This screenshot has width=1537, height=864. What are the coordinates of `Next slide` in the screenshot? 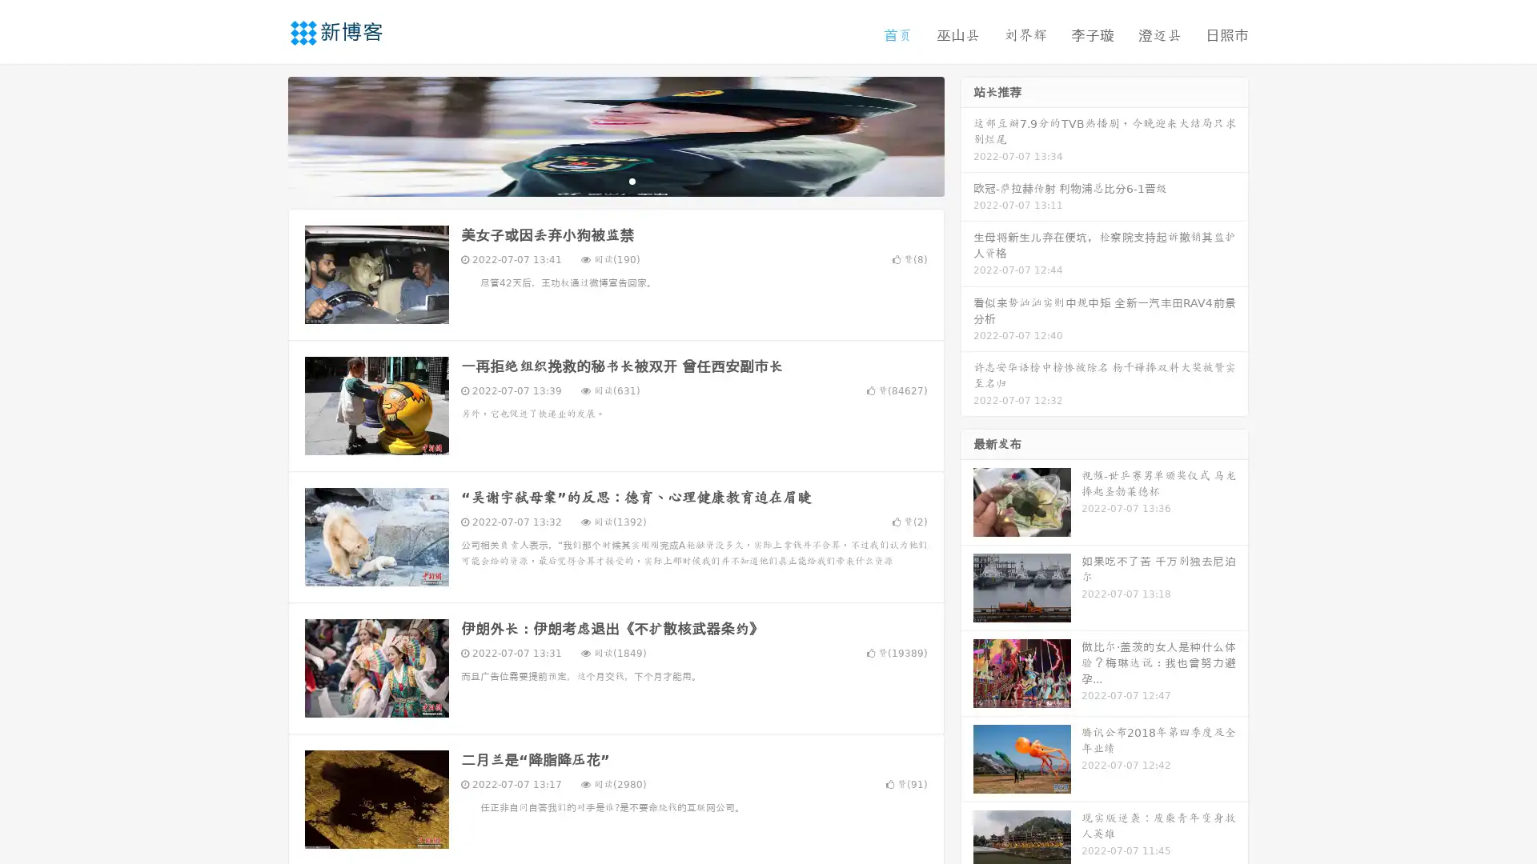 It's located at (967, 134).